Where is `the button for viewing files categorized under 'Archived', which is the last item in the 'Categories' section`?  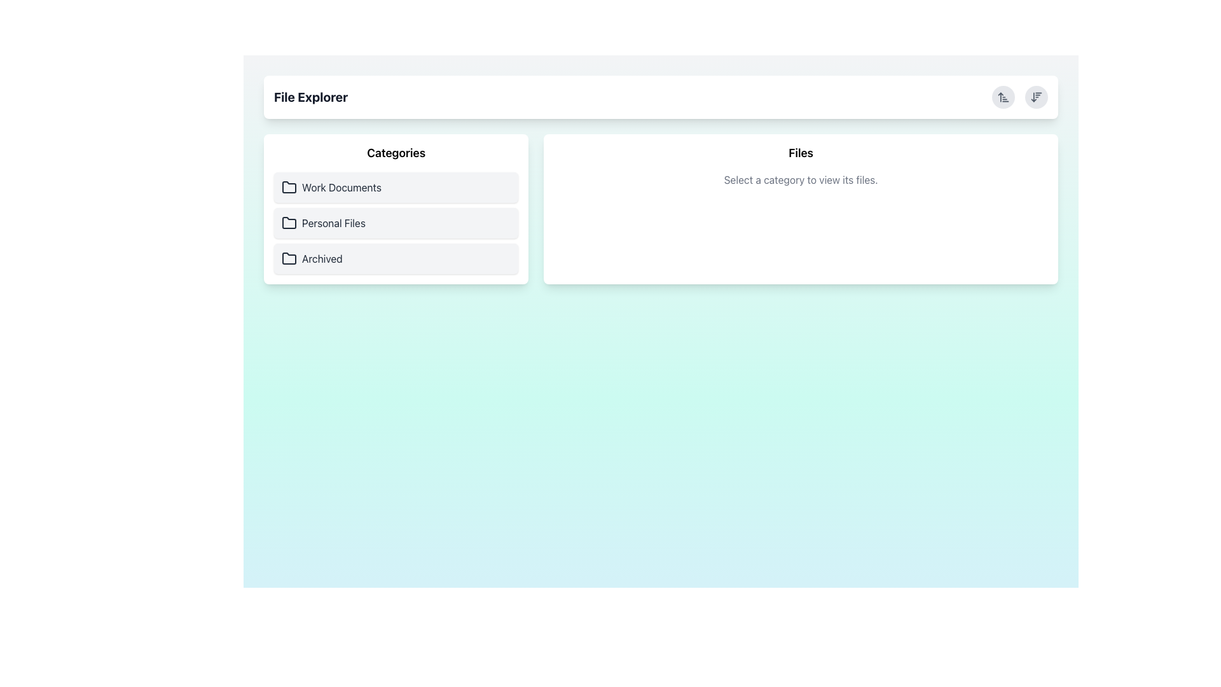
the button for viewing files categorized under 'Archived', which is the last item in the 'Categories' section is located at coordinates (396, 258).